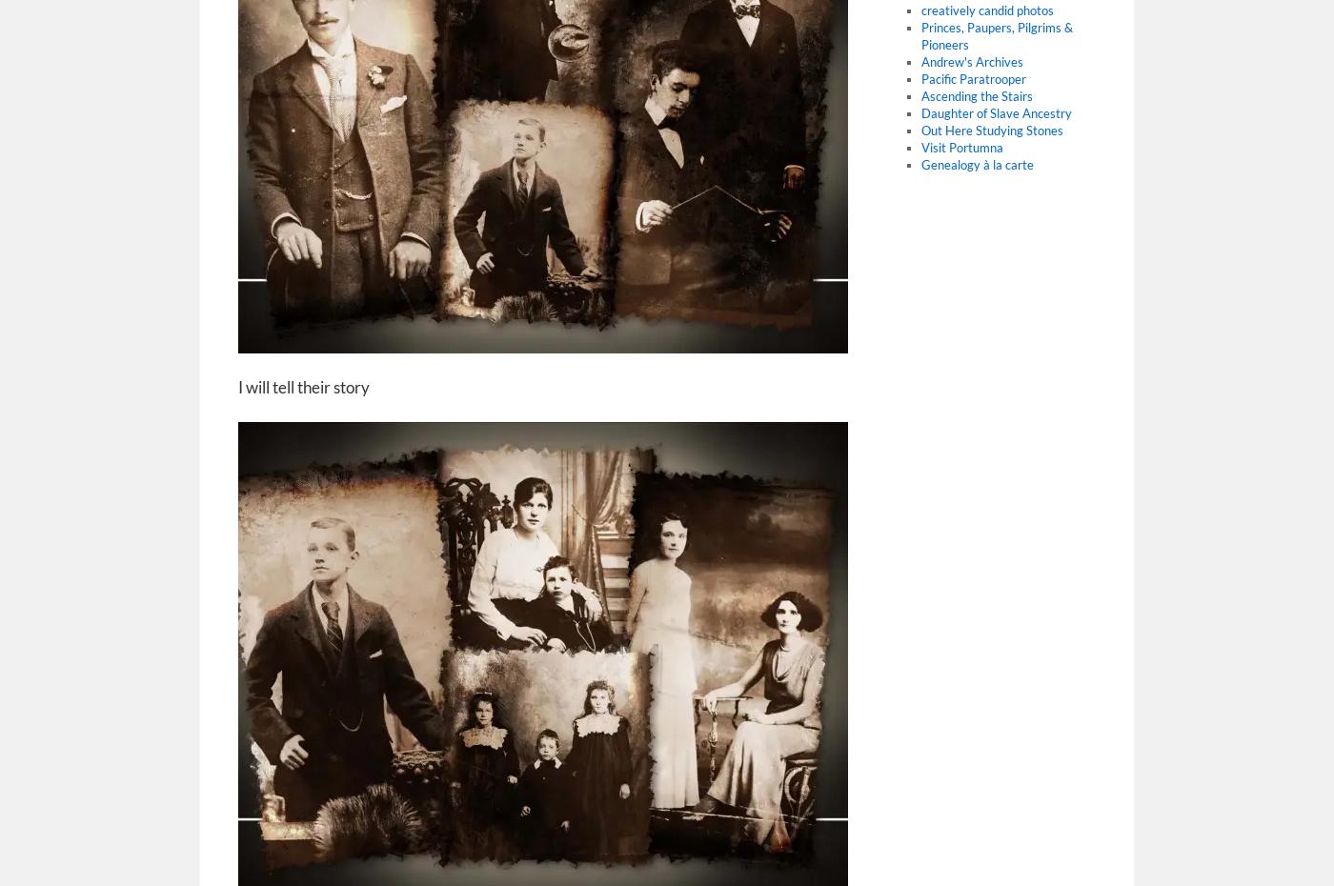 The width and height of the screenshot is (1334, 886). Describe the element at coordinates (920, 95) in the screenshot. I see `'Ascending the Stairs'` at that location.